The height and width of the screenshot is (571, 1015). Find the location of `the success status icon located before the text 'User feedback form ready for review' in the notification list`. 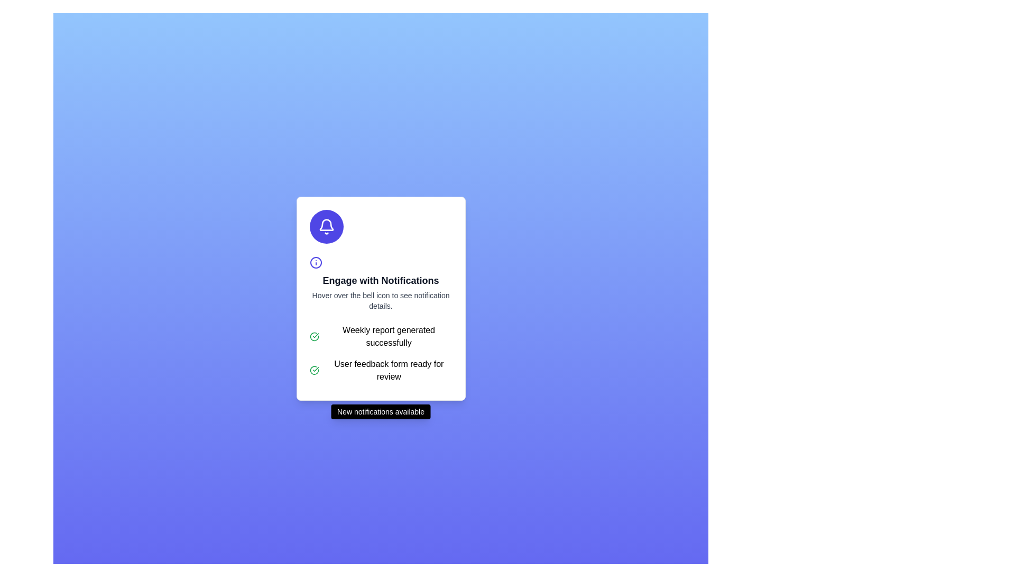

the success status icon located before the text 'User feedback form ready for review' in the notification list is located at coordinates (313, 370).